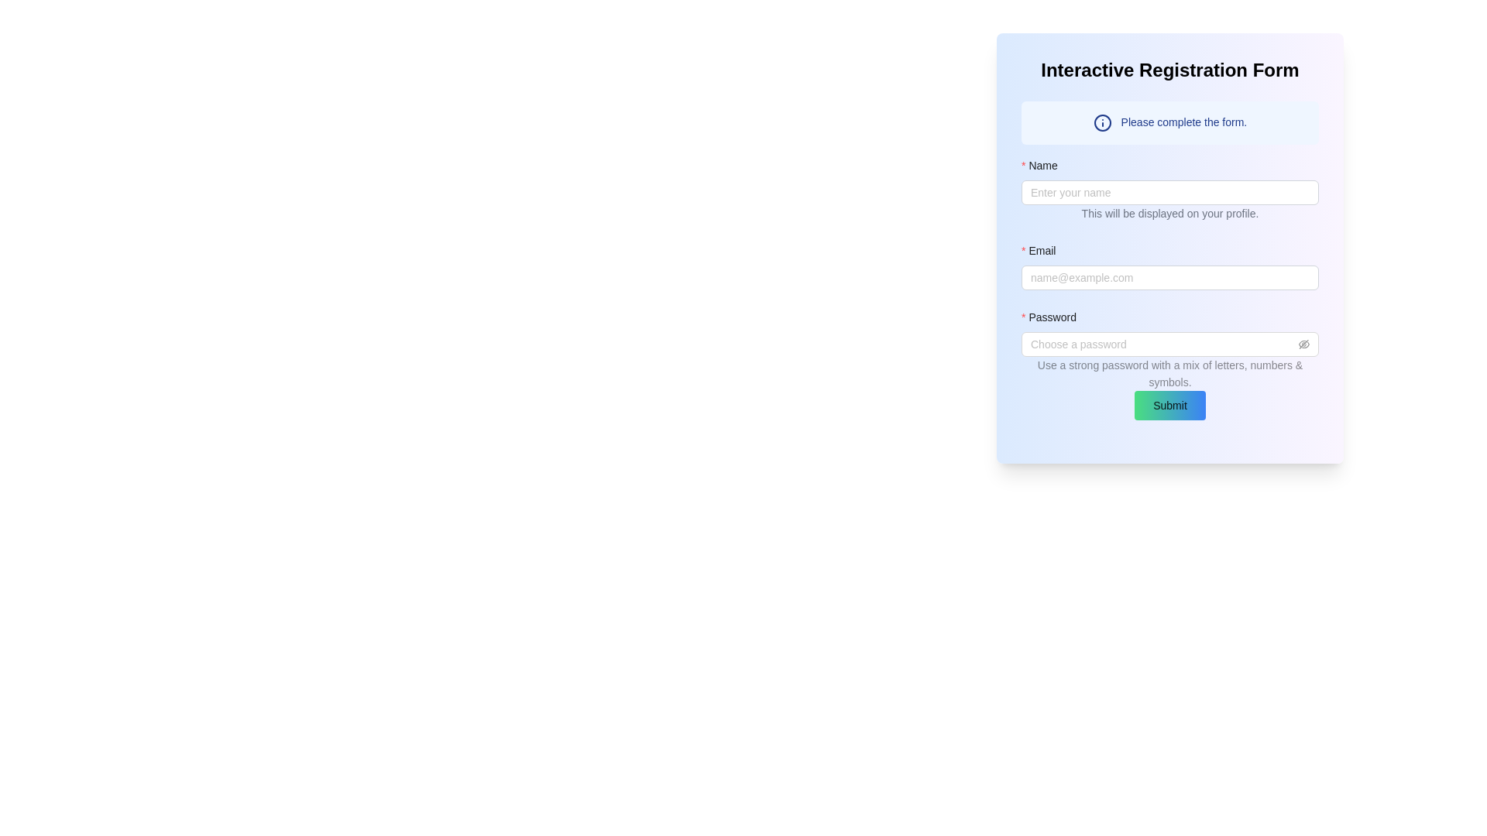  I want to click on the instructional text label located just below the 'Name' input field in the registration form, which explains that the entered name will appear on the user's profile, so click(1170, 214).